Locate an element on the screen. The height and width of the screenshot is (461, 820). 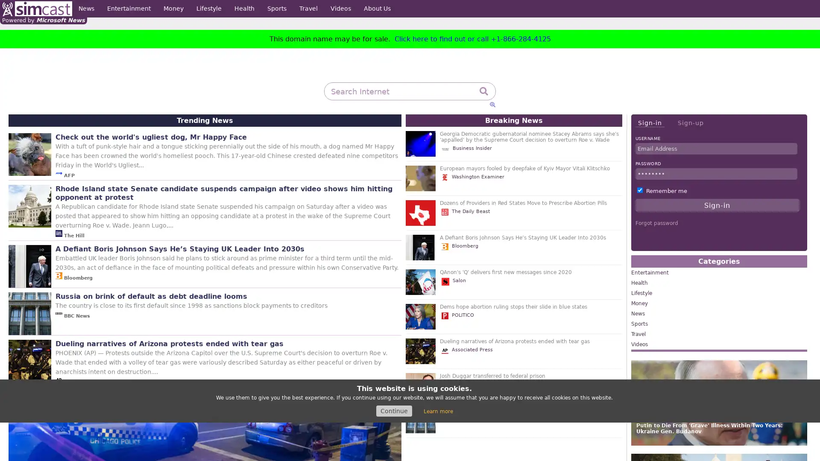
Sign-in is located at coordinates (649, 123).